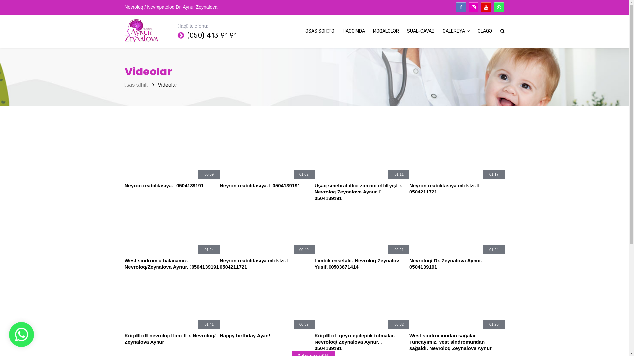 The image size is (634, 356). Describe the element at coordinates (420, 31) in the screenshot. I see `'SUAL-CAVAB'` at that location.